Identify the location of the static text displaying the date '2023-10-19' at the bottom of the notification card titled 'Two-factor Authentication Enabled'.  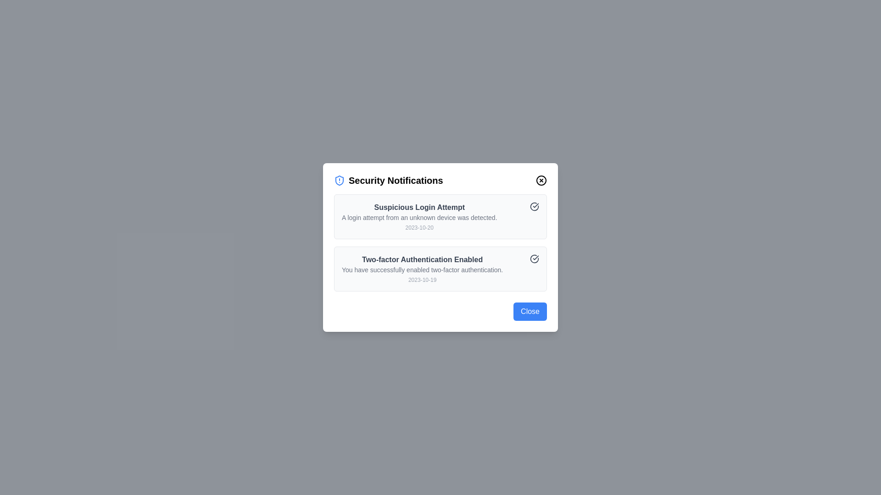
(422, 279).